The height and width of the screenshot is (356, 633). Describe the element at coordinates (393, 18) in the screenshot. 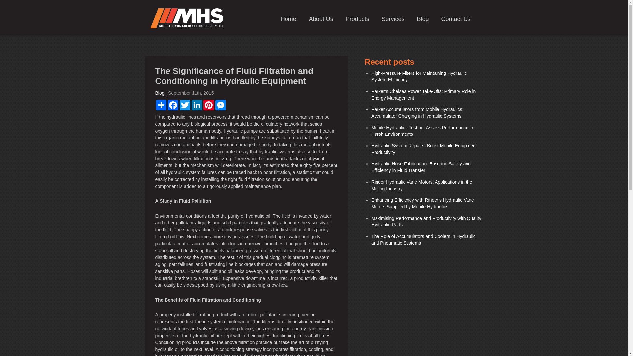

I see `'Services'` at that location.